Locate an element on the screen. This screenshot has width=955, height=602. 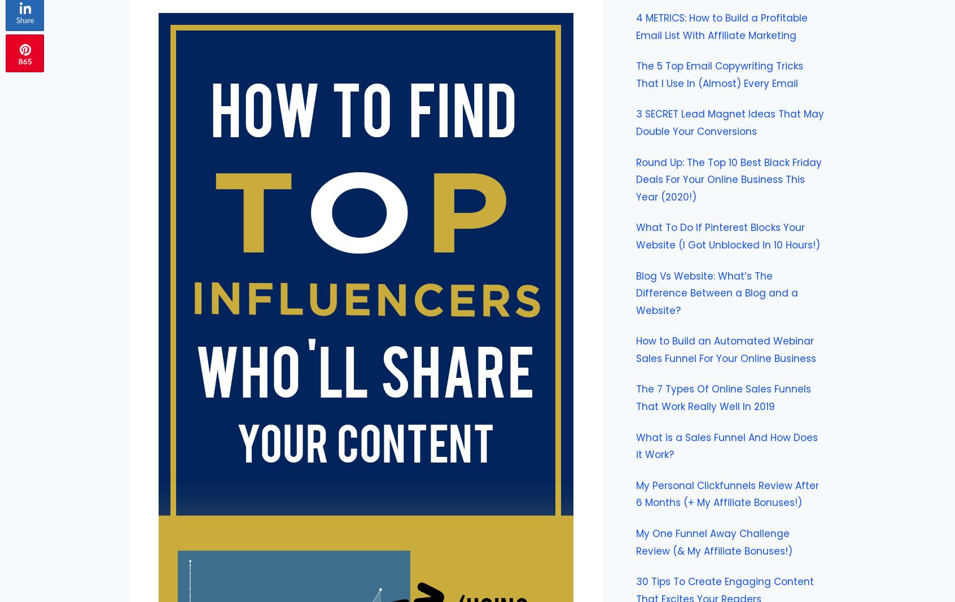
'3 SECRET Lead Magnet Ideas That May Double Your Conversions' is located at coordinates (729, 122).